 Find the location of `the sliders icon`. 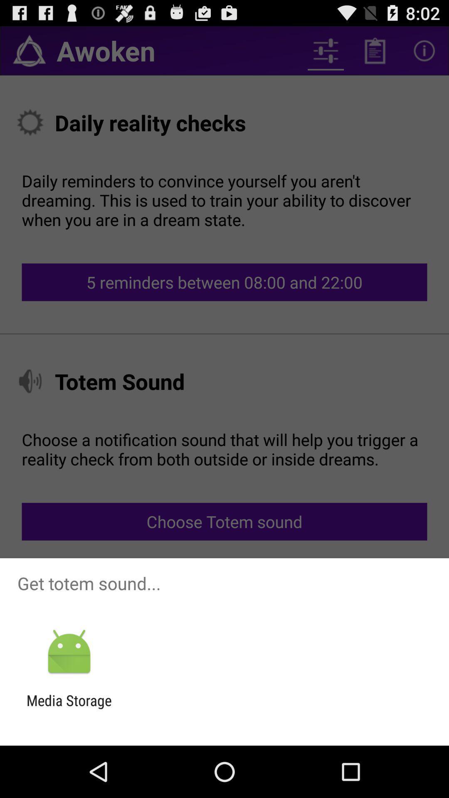

the sliders icon is located at coordinates (325, 54).